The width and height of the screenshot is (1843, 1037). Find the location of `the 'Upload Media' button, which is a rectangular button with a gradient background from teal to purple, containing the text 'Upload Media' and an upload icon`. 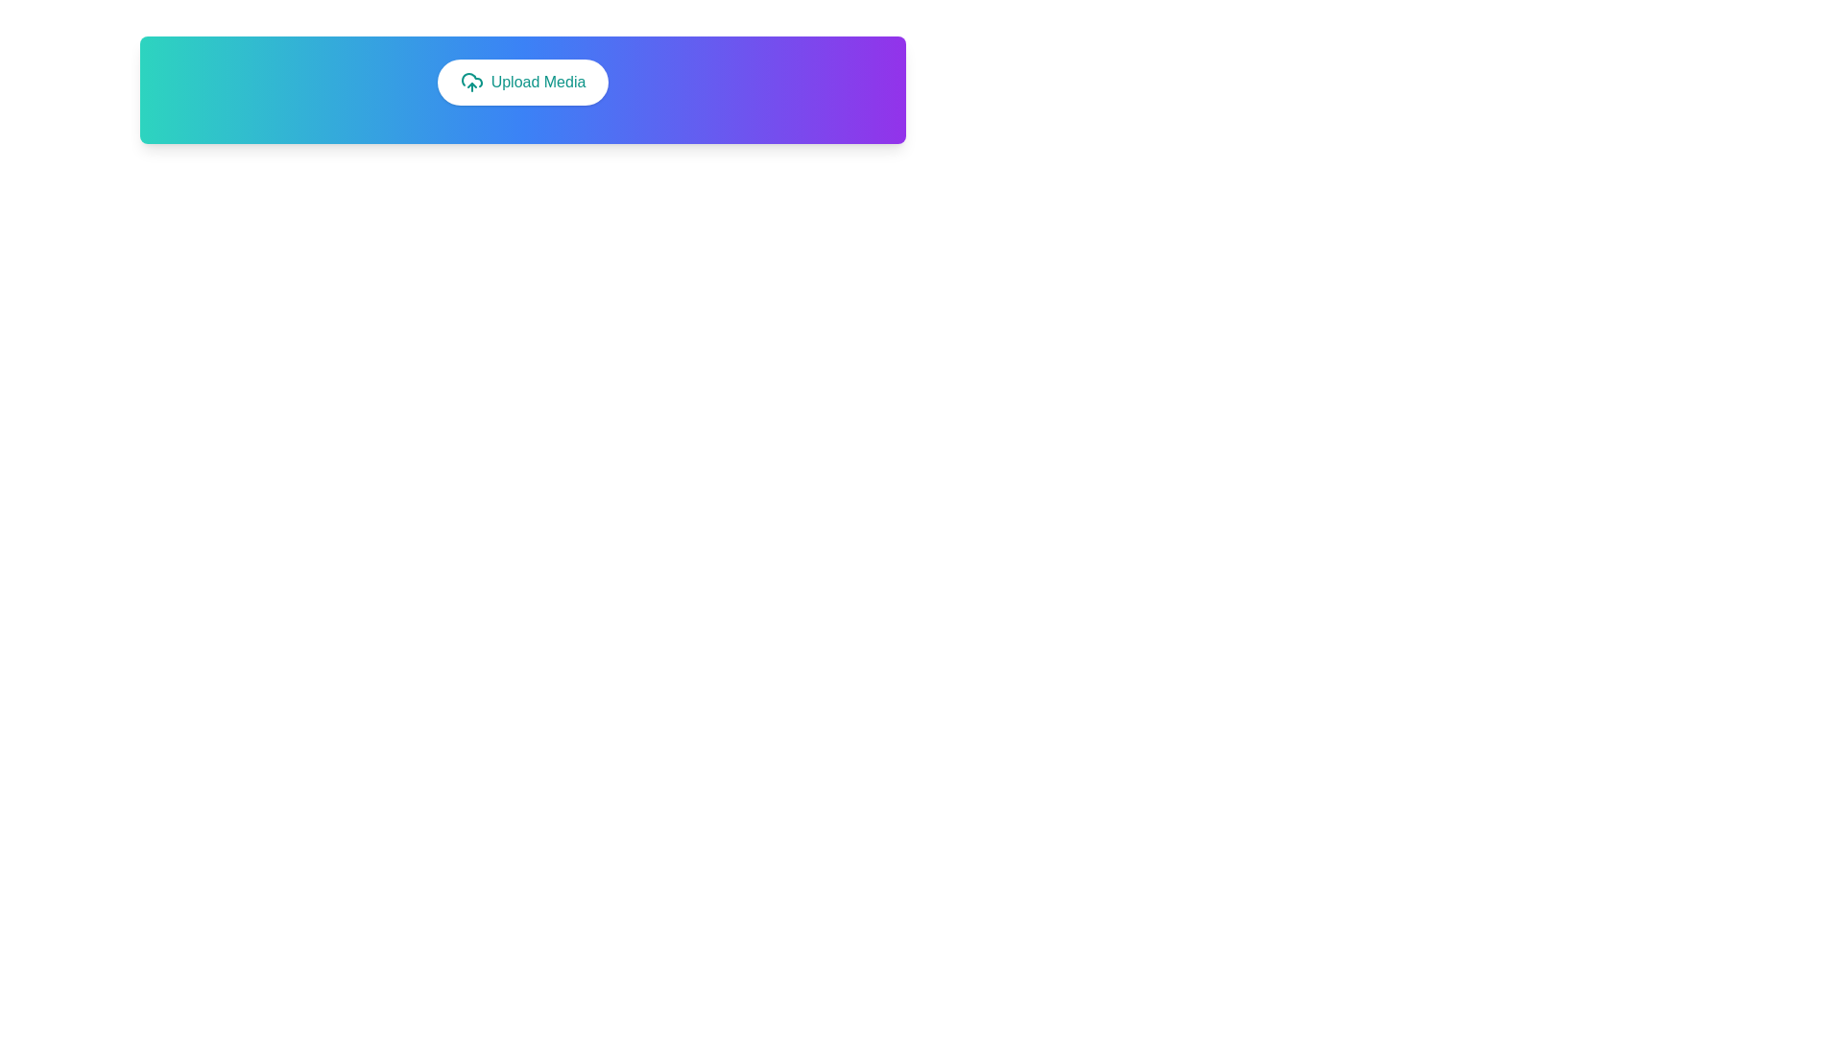

the 'Upload Media' button, which is a rectangular button with a gradient background from teal to purple, containing the text 'Upload Media' and an upload icon is located at coordinates (523, 89).